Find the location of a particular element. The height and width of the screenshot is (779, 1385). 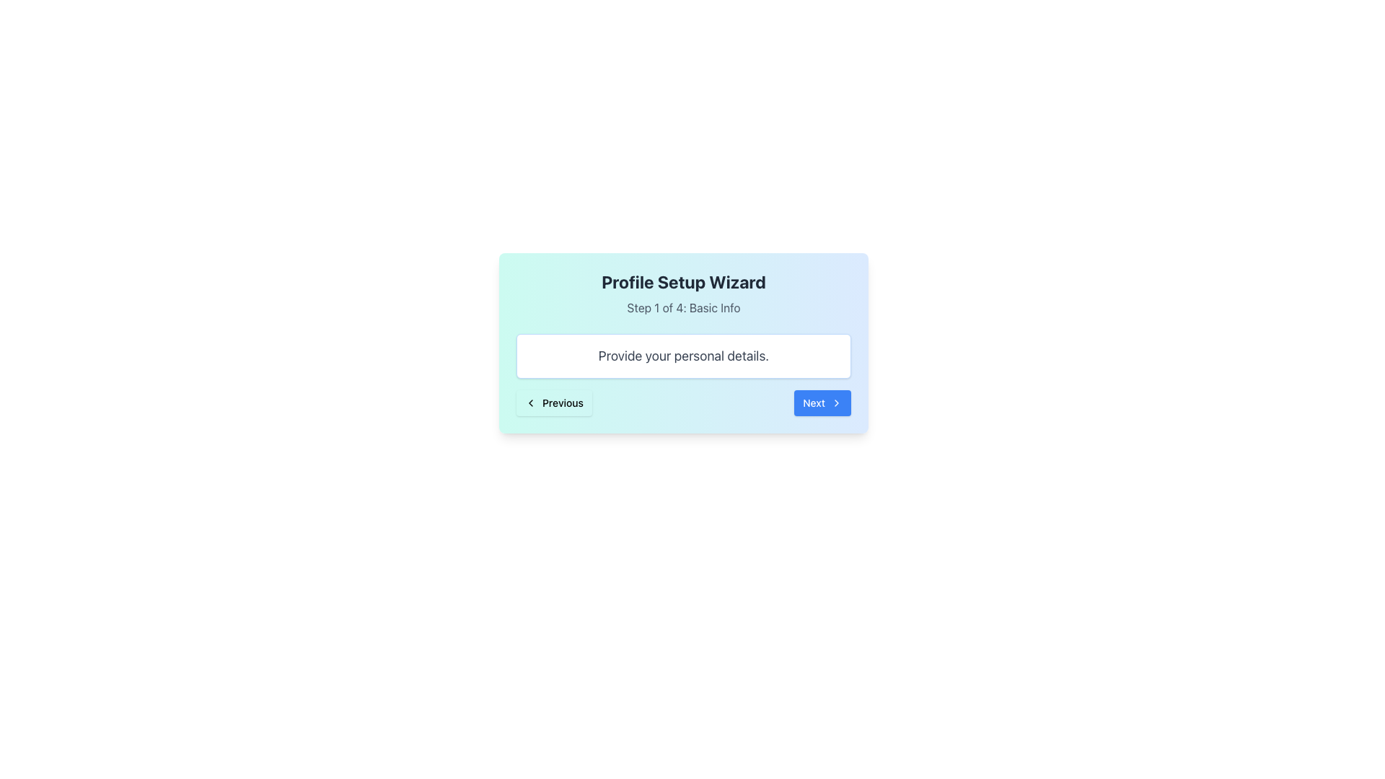

the second button in the horizontal group of navigation buttons located at the bottom-right corner of the centered card layout to proceed to the next step is located at coordinates (822, 403).